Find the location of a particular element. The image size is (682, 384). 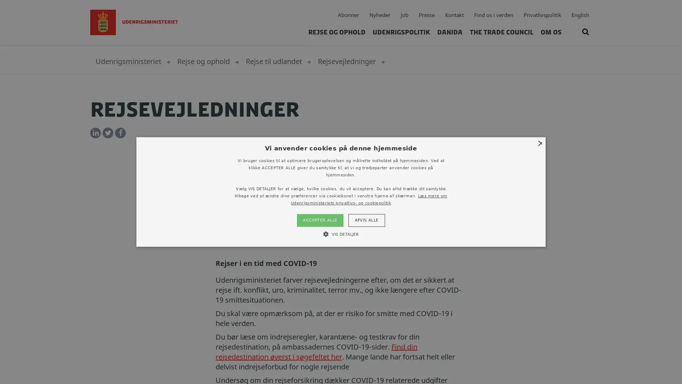

Close Vi anvender cookies pa denne hjemmeside Vi bruger cookies til at optimere brugeroplevelsen og malrette indholdet pa hjemmesiden. Ved at klikke ACCEPTER ALLE giver du samtykke til, at vi og tredjeparter anvender cookies pa hjemmesiden. Vlg VIS DETALJER for at vlge, hvilke cookies, du vil acceptere. Du kan altid trkke dit samtykke tilbage ved at ndre dine prferencer via cookieikonet i venstre hjrne af skrmen. Ls mere om Udenrigsministeriets privatlivs- og cookiepolitik ACCEPTER ALLE AFVIS ALLE VIS DETALJER is located at coordinates (341, 191).